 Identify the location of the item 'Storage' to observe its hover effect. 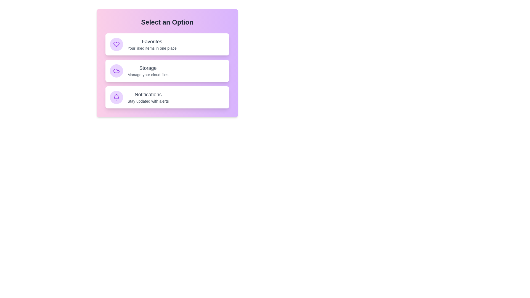
(167, 71).